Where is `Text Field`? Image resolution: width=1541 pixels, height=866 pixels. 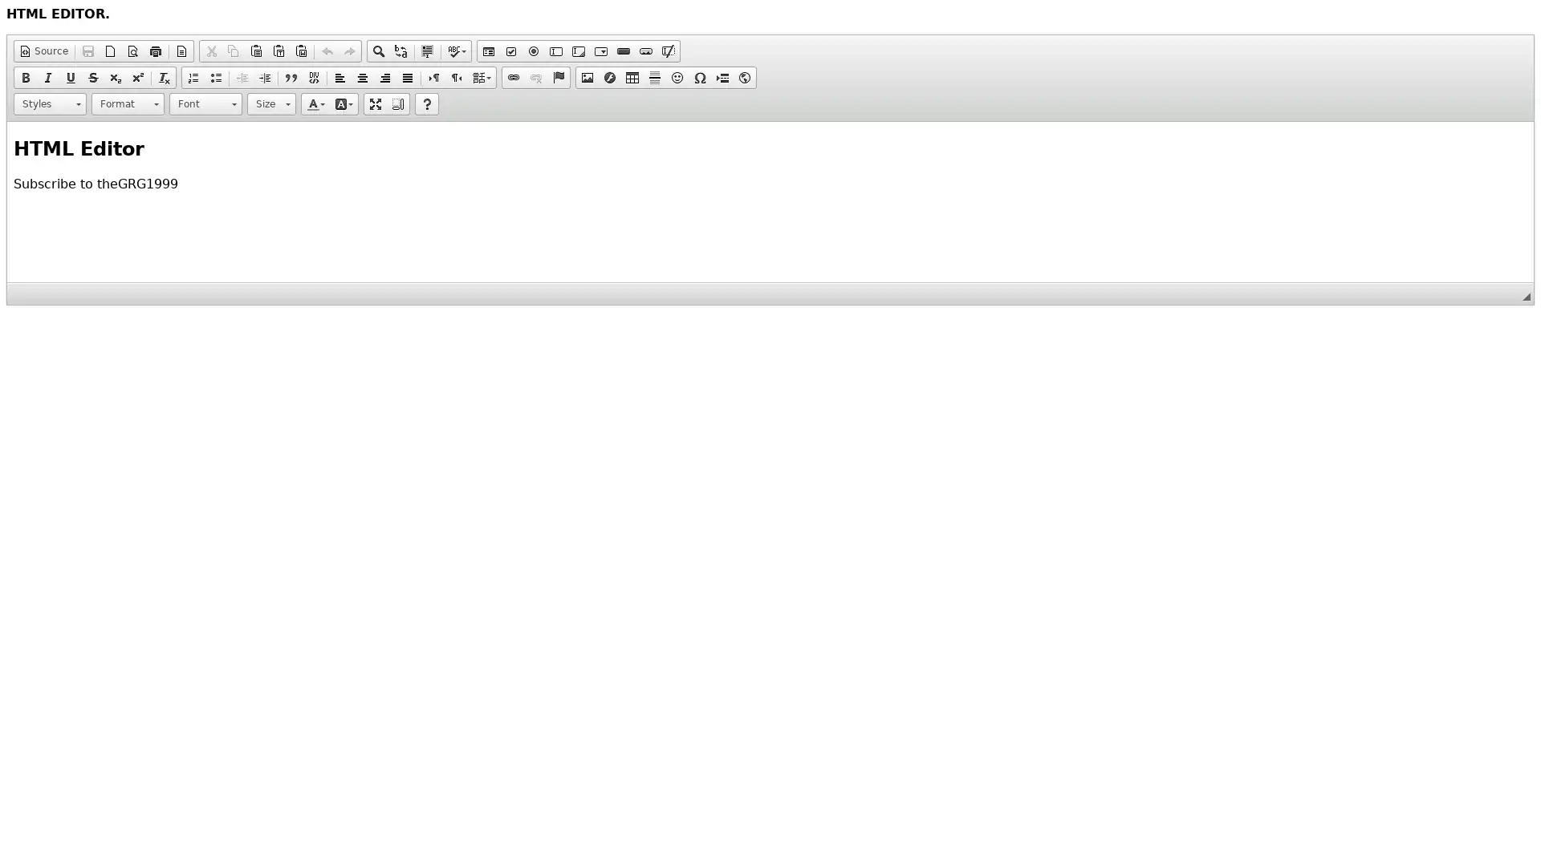 Text Field is located at coordinates (555, 51).